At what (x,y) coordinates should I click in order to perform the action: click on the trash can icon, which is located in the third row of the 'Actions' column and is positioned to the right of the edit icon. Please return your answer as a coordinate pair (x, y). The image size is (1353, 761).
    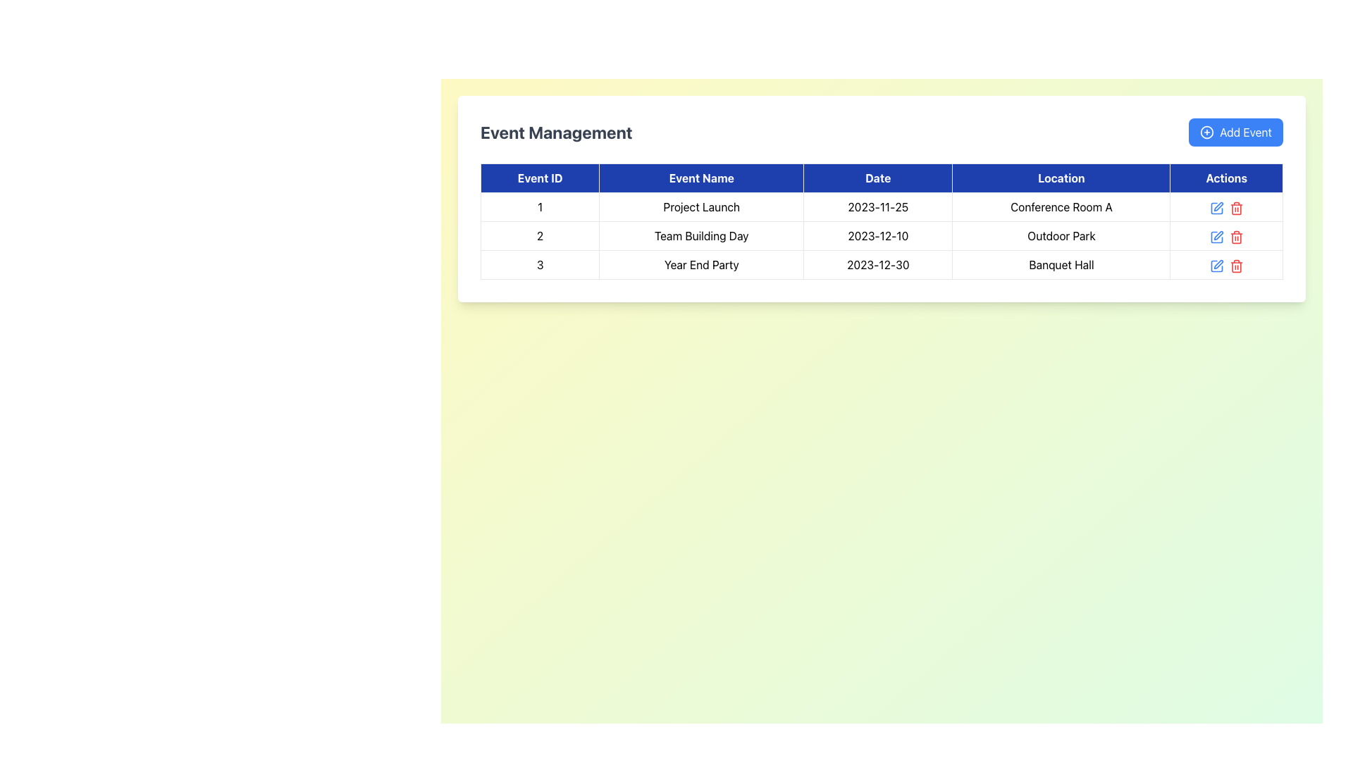
    Looking at the image, I should click on (1235, 267).